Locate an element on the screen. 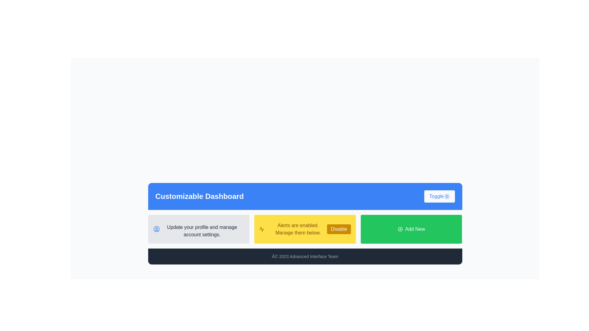 Image resolution: width=589 pixels, height=331 pixels. the 'sun' icon representing light mode settings located at the center of the 'Toggle' button in the upper-right corner of the blue header area is located at coordinates (447, 196).